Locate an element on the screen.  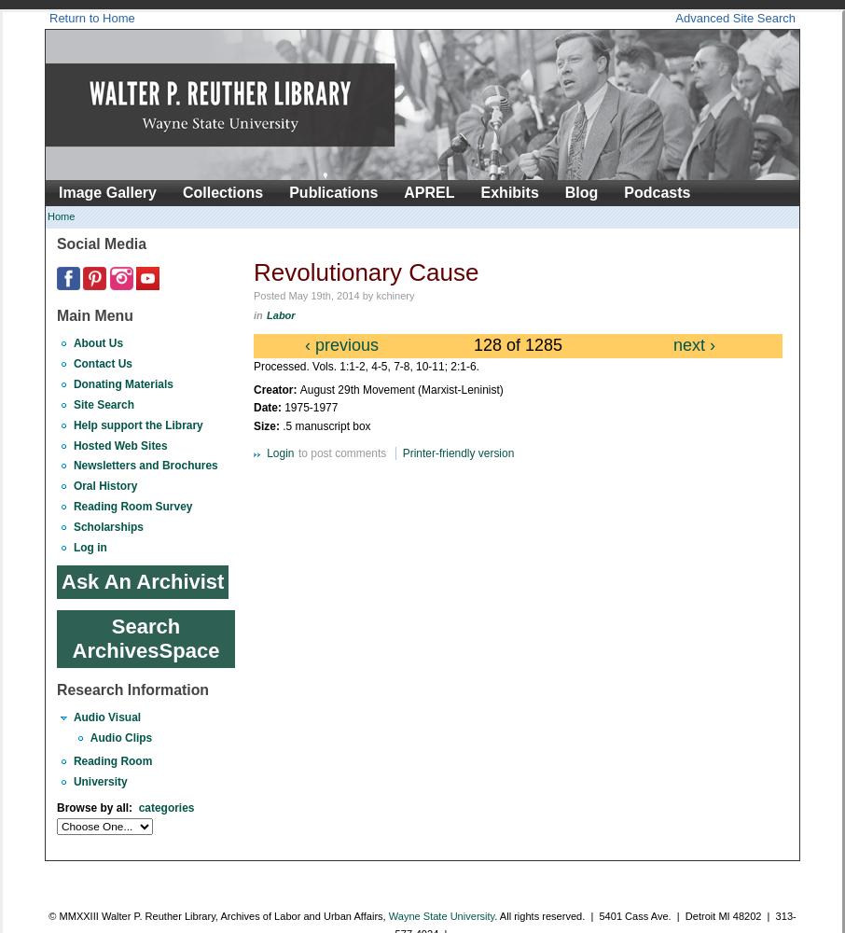
'Browse by all:' is located at coordinates (56, 807).